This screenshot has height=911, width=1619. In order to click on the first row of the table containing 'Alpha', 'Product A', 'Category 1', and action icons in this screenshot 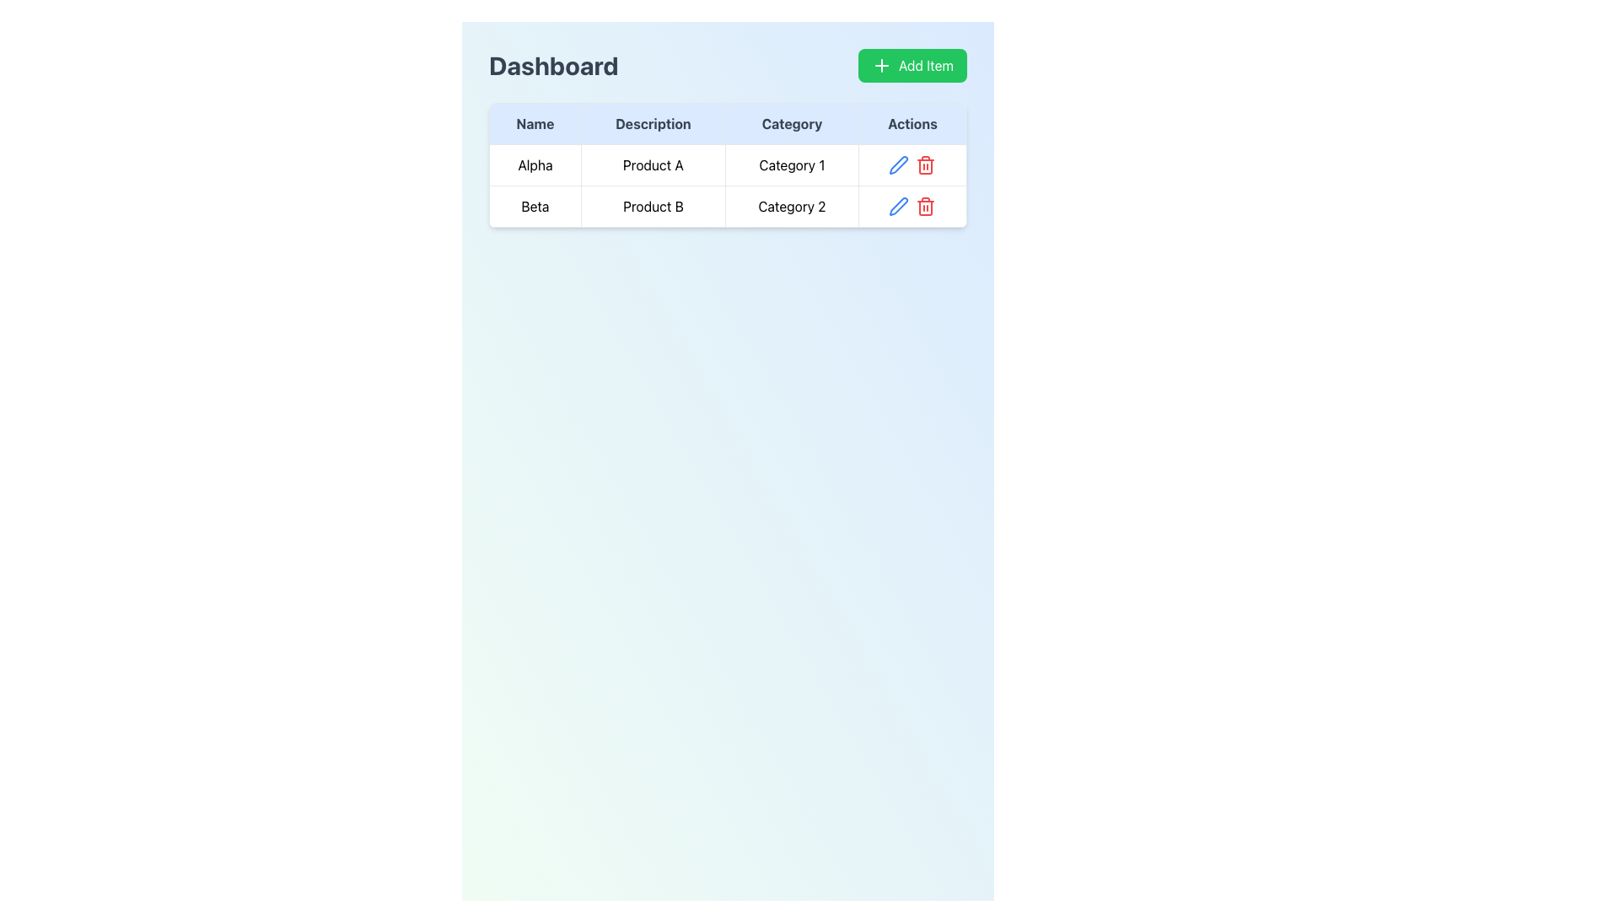, I will do `click(728, 165)`.